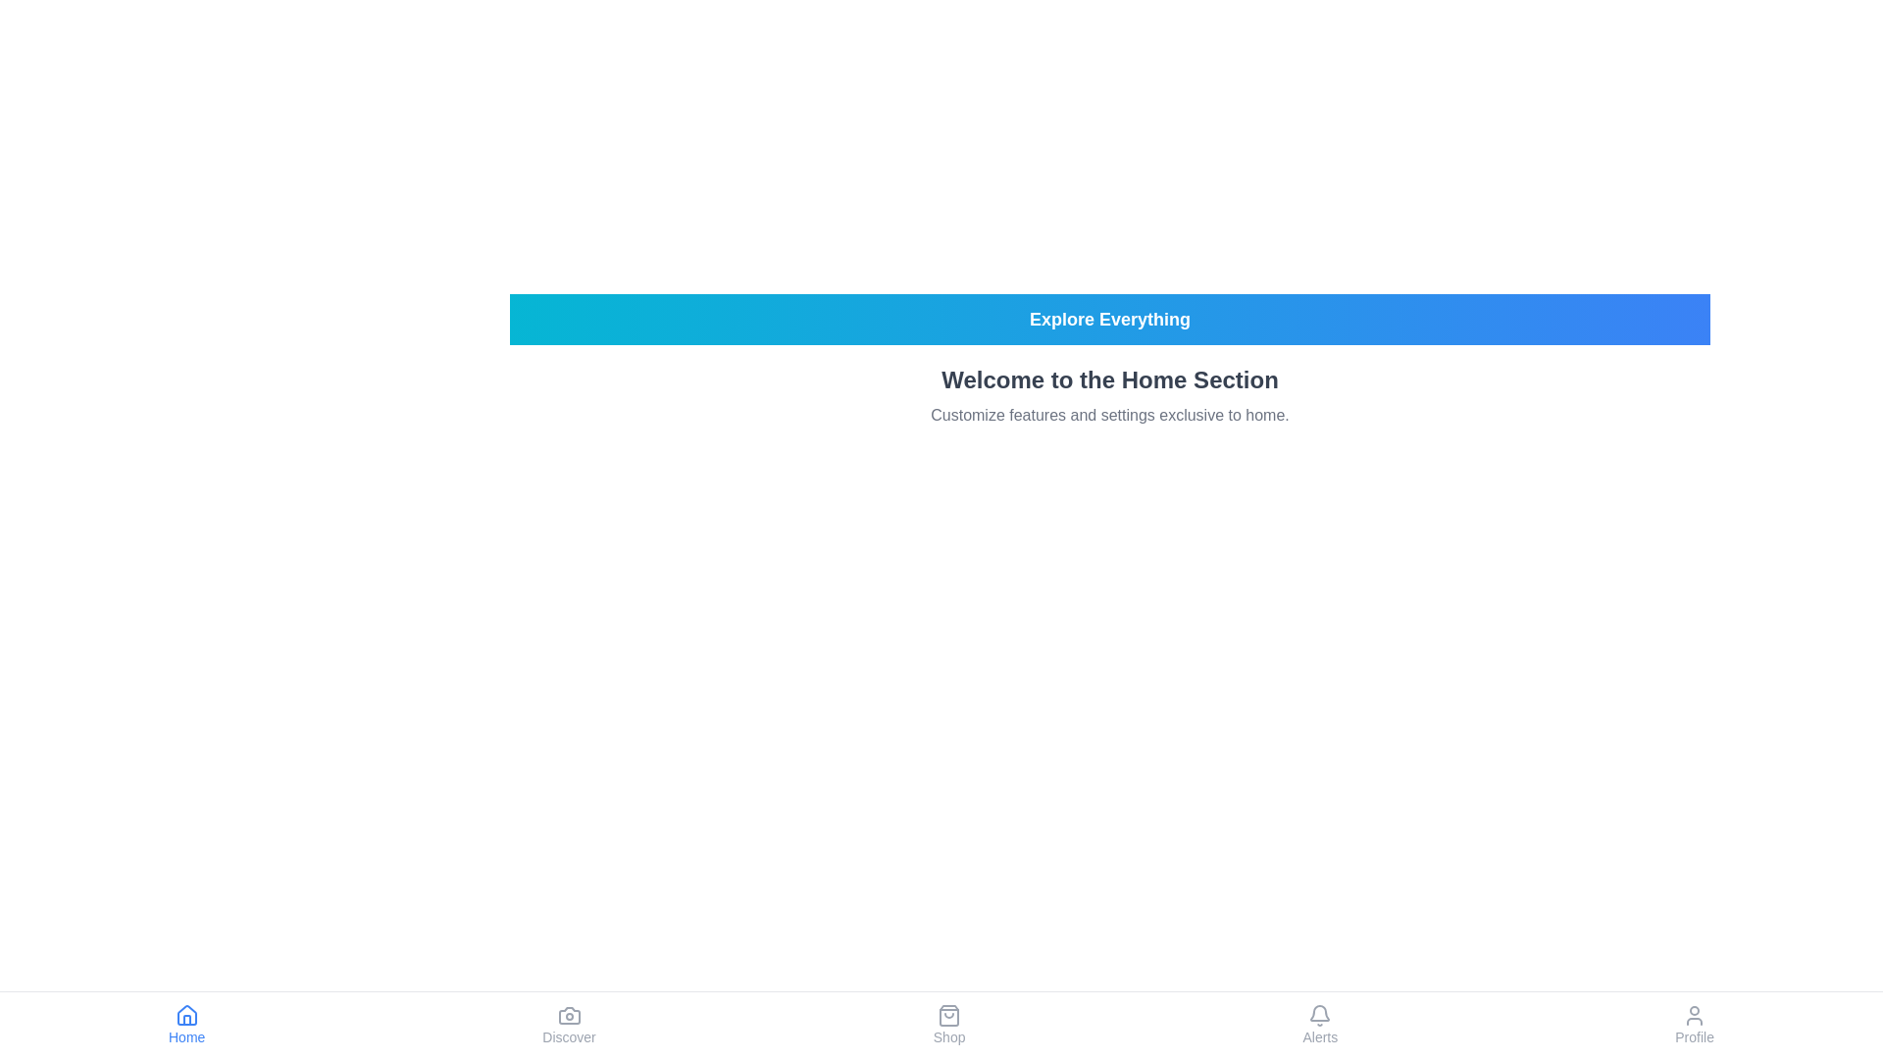 Image resolution: width=1883 pixels, height=1059 pixels. What do you see at coordinates (568, 1024) in the screenshot?
I see `the Discover tab in the bottom navigation bar` at bounding box center [568, 1024].